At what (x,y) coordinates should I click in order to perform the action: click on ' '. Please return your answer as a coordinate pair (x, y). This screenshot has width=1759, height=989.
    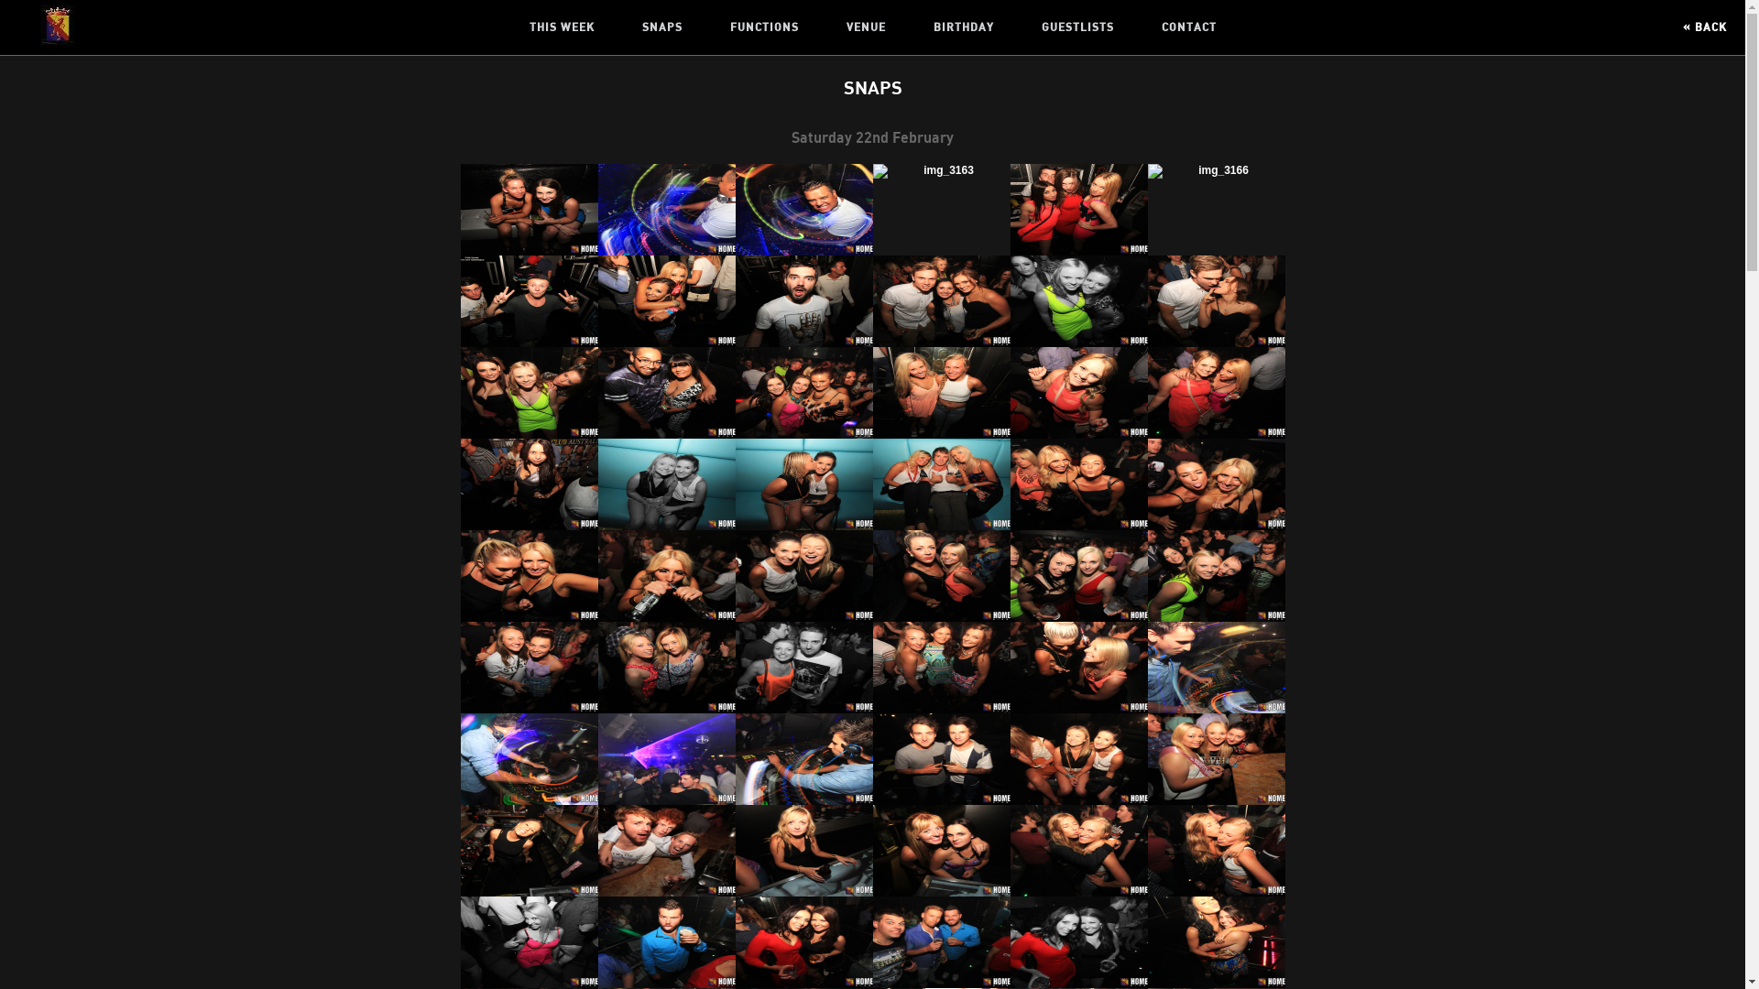
    Looking at the image, I should click on (803, 668).